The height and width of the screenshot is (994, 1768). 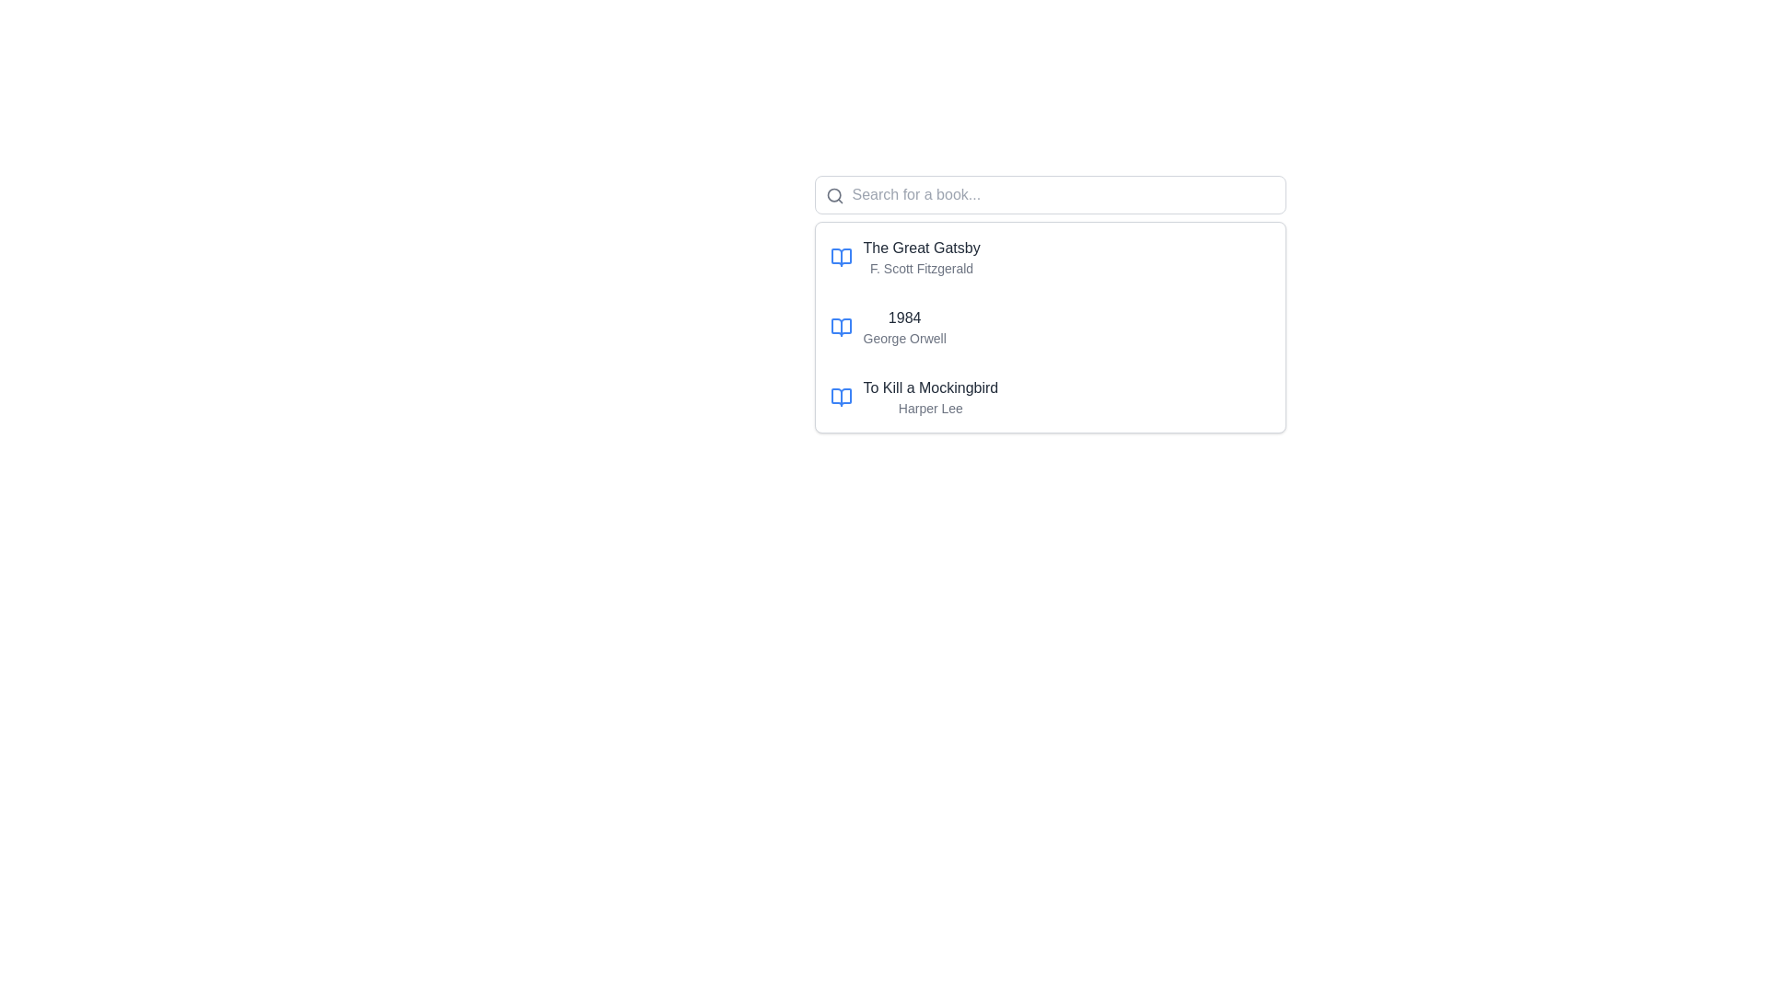 I want to click on the open book icon located to the left of the text '1984' by George Orwell in the middle list item of a vertically stacked list, so click(x=840, y=326).